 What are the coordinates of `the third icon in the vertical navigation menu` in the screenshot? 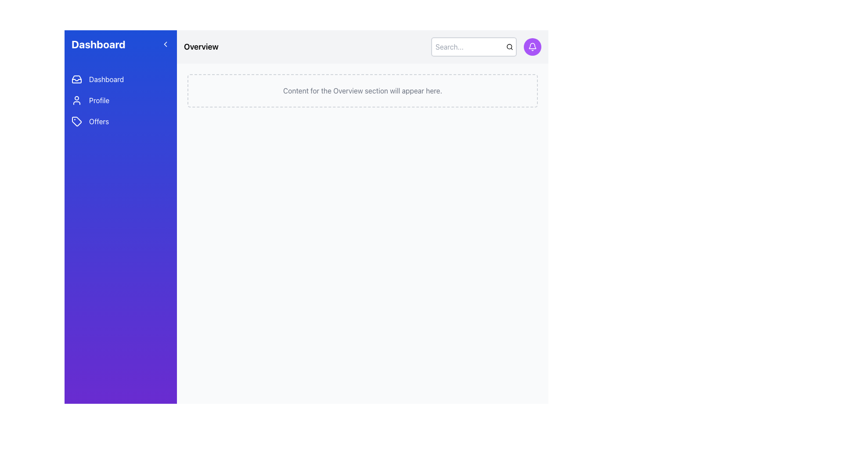 It's located at (76, 122).